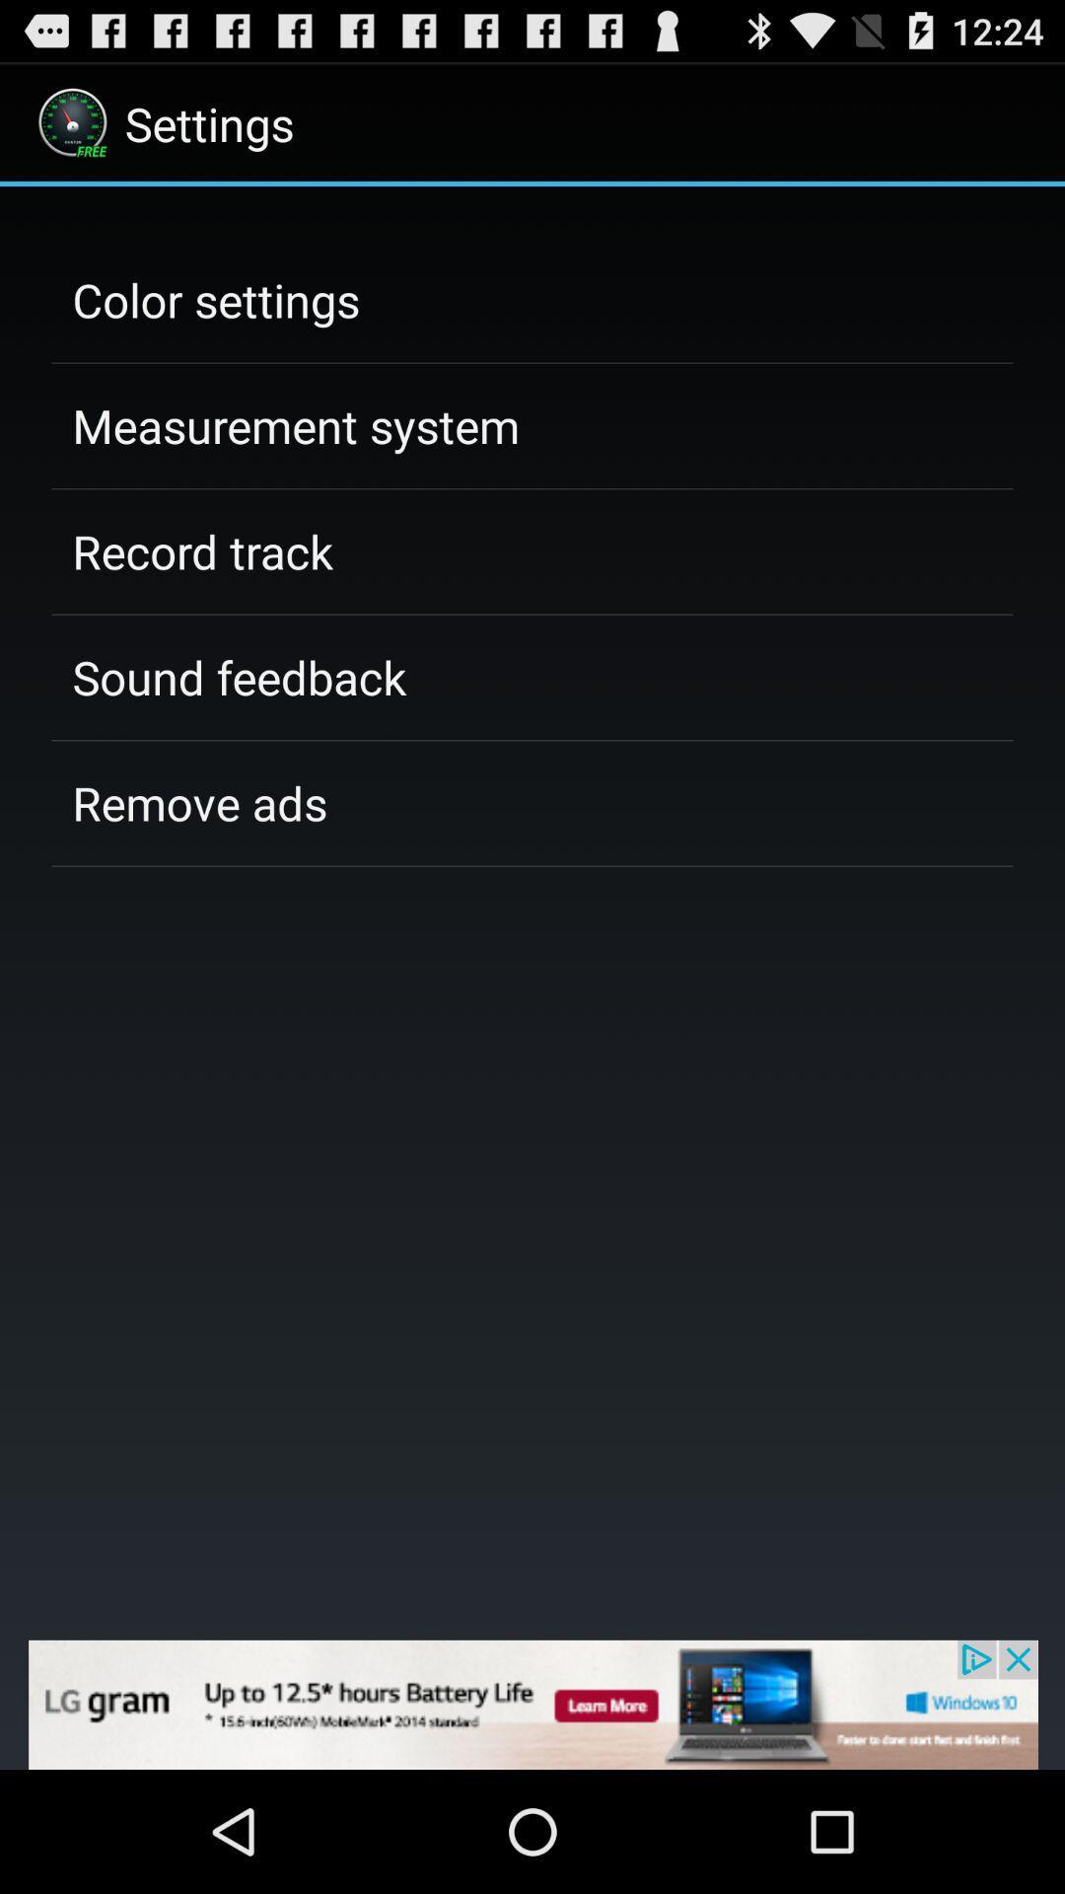 Image resolution: width=1065 pixels, height=1894 pixels. Describe the element at coordinates (532, 1704) in the screenshot. I see `advertisement` at that location.